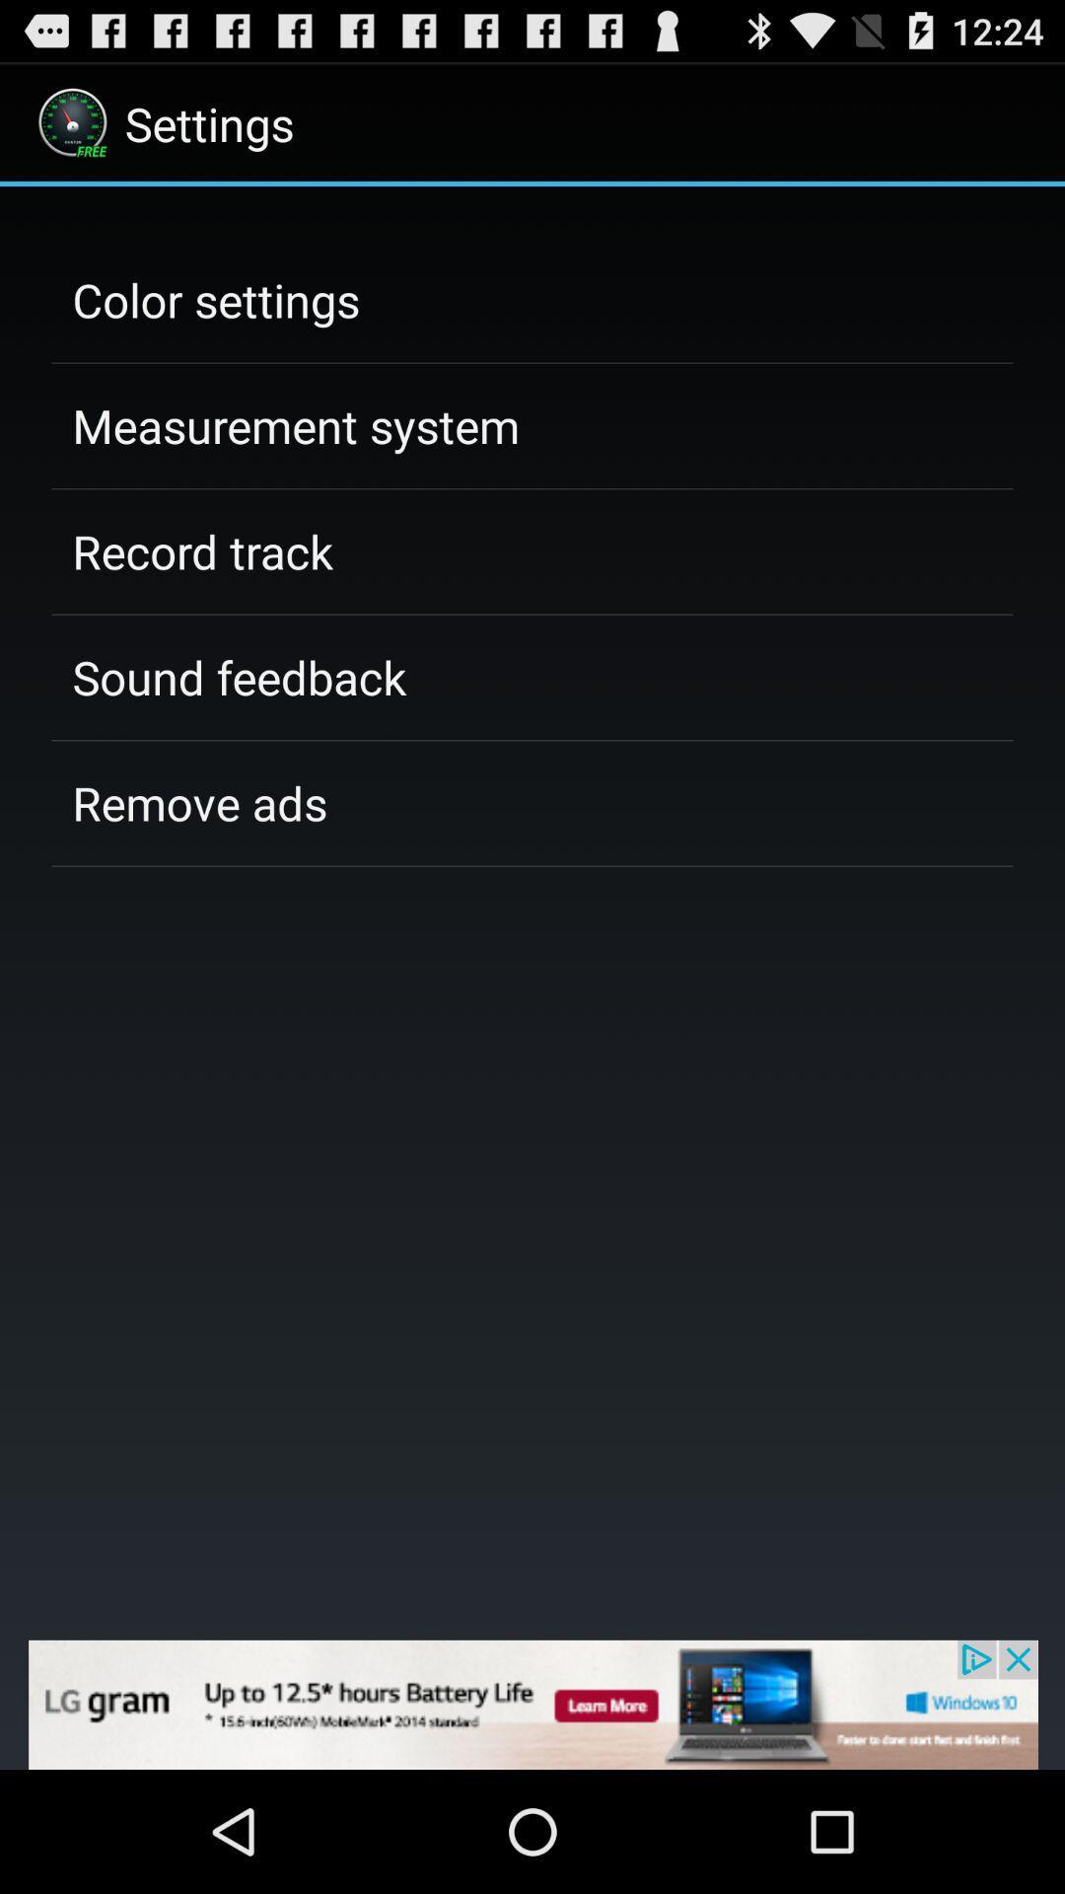 Image resolution: width=1065 pixels, height=1894 pixels. Describe the element at coordinates (532, 1704) in the screenshot. I see `advertisement` at that location.